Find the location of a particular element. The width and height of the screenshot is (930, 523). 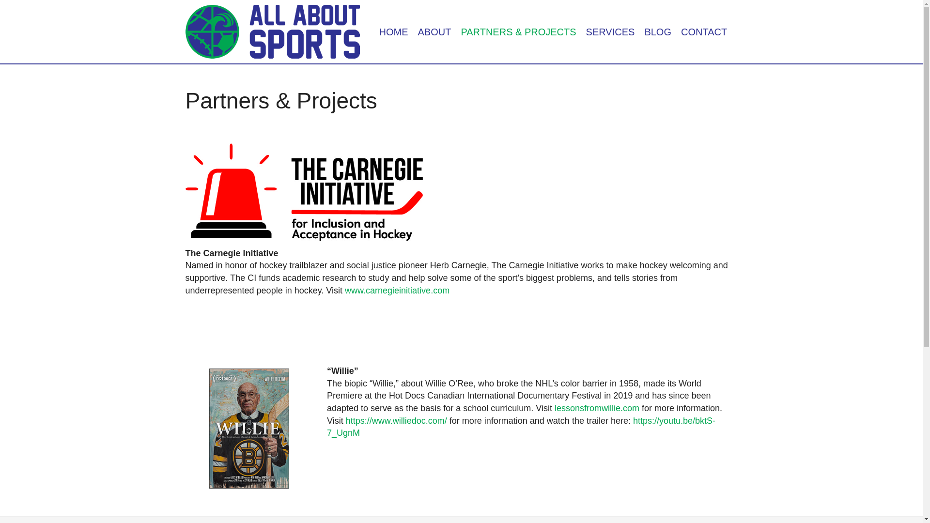

'www.carnegieinitiative.com' is located at coordinates (397, 290).